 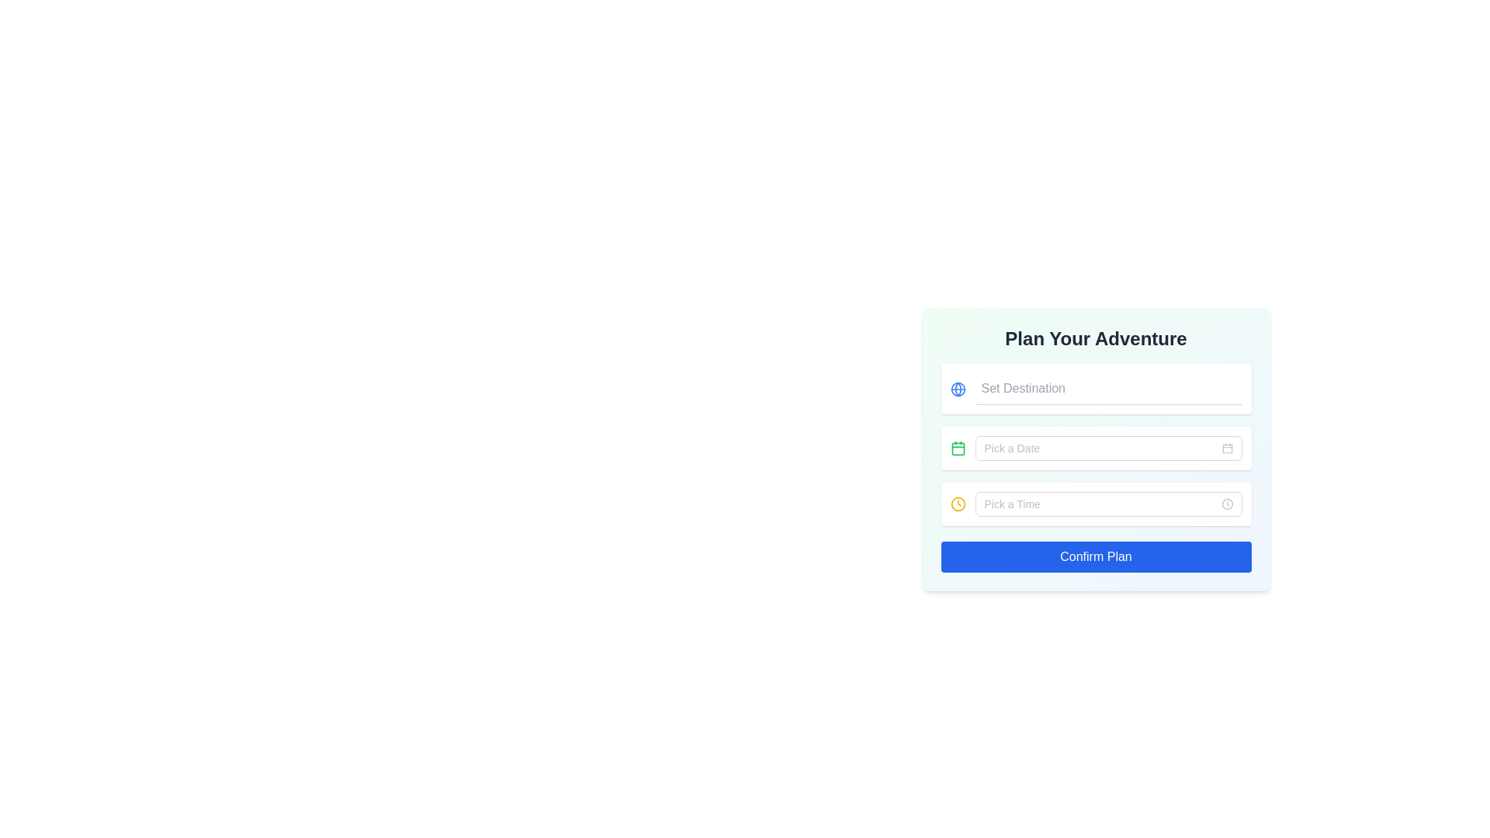 What do you see at coordinates (1107, 504) in the screenshot?
I see `the Input field for time selection located at the bottom of the input fields in the 'Plan Your Adventure' section` at bounding box center [1107, 504].